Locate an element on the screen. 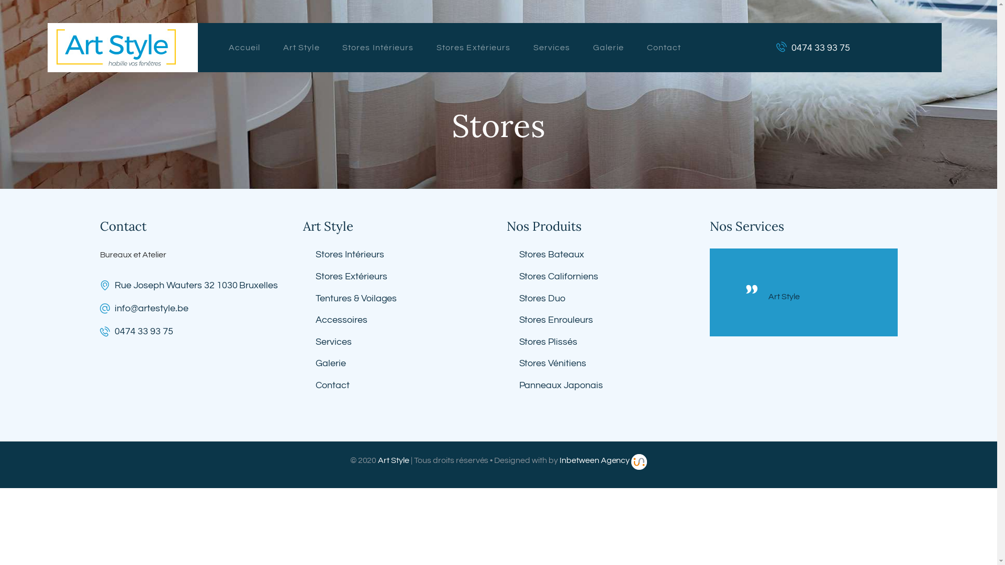 The height and width of the screenshot is (565, 1005). 'Galerie' is located at coordinates (315, 363).